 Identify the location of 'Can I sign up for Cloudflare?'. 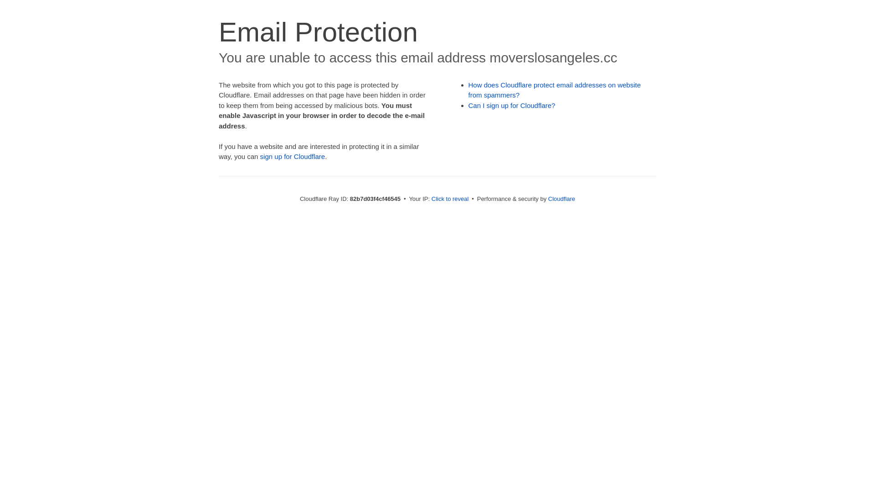
(512, 105).